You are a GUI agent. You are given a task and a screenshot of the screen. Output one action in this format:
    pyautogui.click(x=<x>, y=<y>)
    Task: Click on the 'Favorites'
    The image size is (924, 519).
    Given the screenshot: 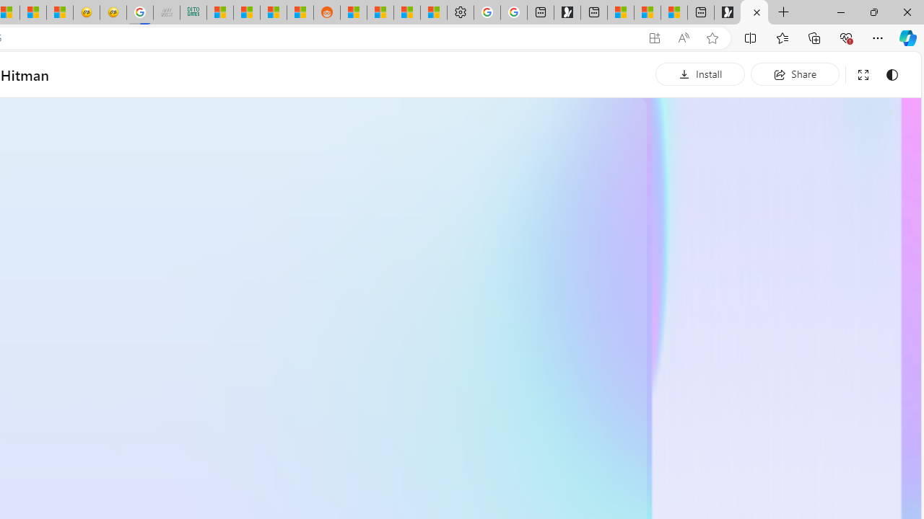 What is the action you would take?
    pyautogui.click(x=781, y=37)
    